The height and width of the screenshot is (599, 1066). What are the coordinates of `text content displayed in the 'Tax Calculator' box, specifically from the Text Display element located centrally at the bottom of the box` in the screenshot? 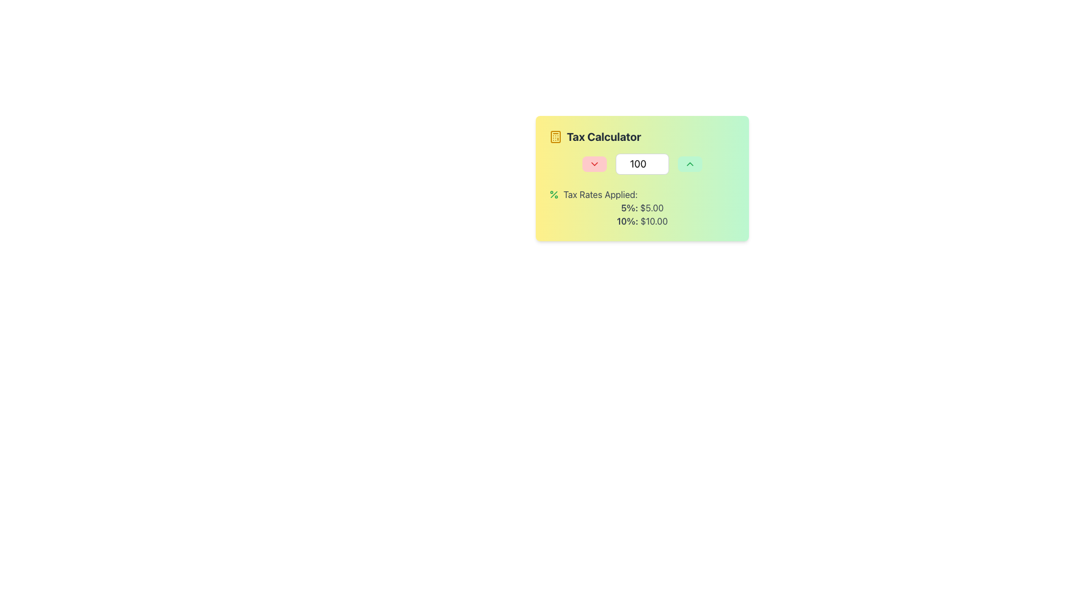 It's located at (642, 207).